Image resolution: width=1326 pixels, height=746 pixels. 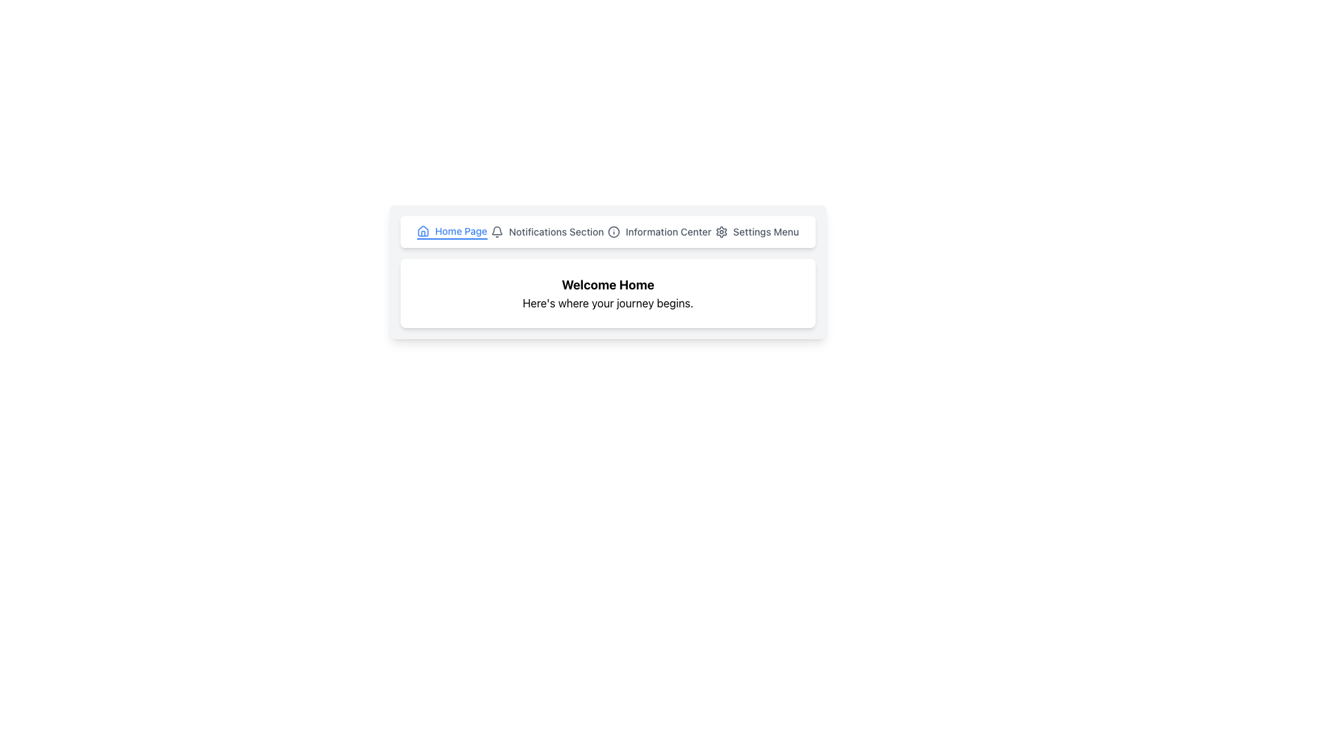 What do you see at coordinates (452, 231) in the screenshot?
I see `the Navigation Link that directs to the 'Home Page'` at bounding box center [452, 231].